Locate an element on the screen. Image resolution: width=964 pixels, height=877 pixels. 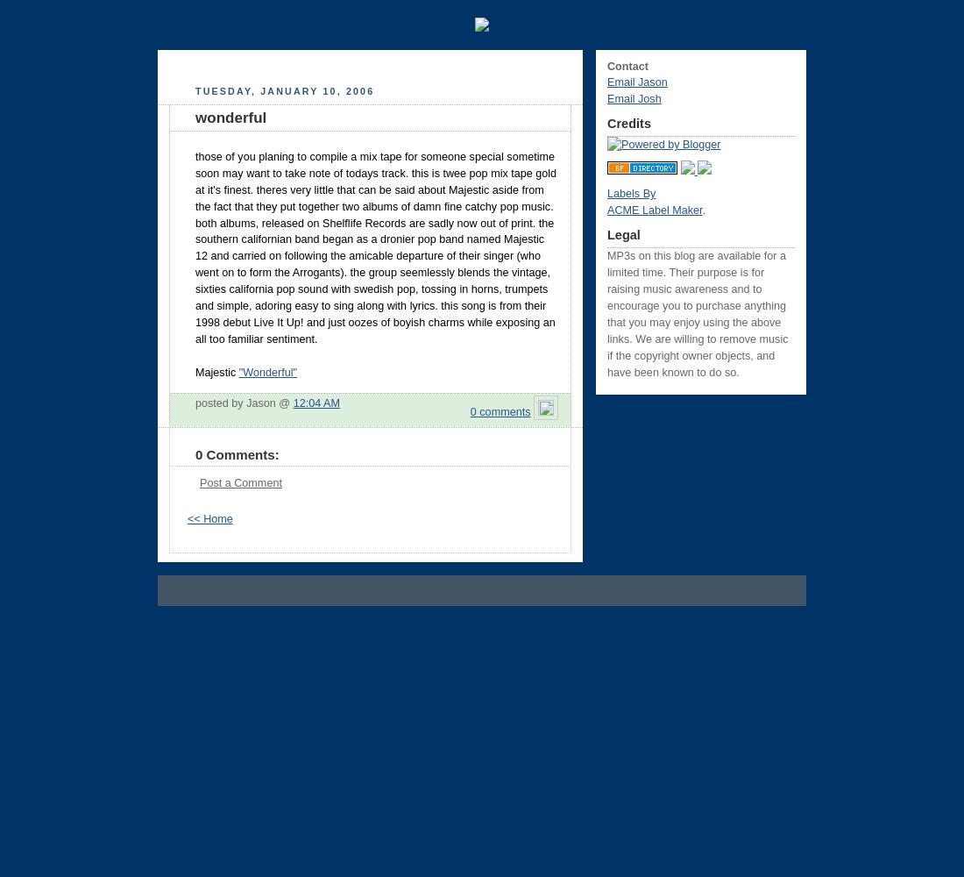
'Contact' is located at coordinates (626, 65).